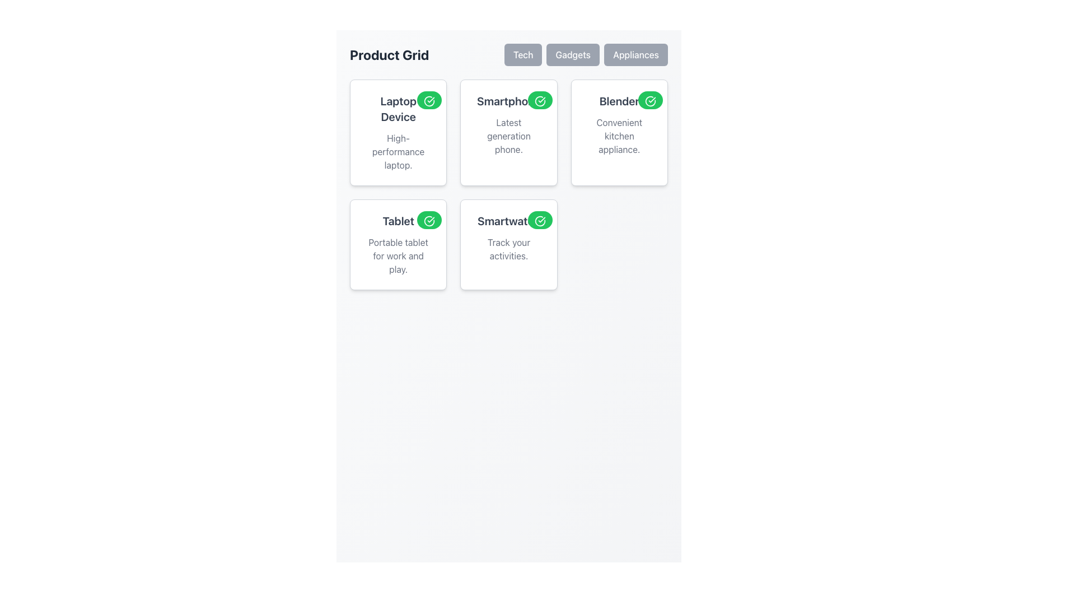 This screenshot has width=1075, height=605. What do you see at coordinates (508, 136) in the screenshot?
I see `the static text displaying 'Latest generation phone.' located below the title 'Smartphone' in the second card of the grid layout` at bounding box center [508, 136].